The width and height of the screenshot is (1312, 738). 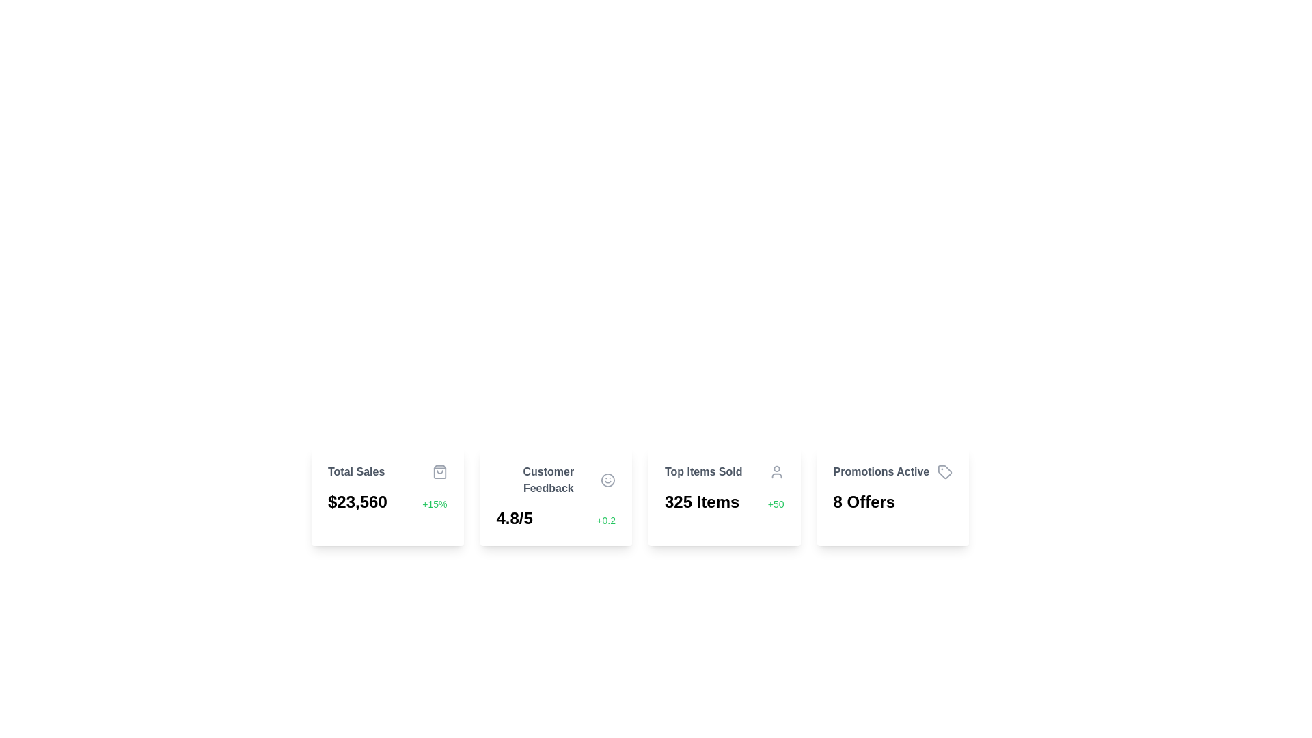 What do you see at coordinates (607, 479) in the screenshot?
I see `the circular smiling face icon that is gray and located to the right of the 'Customer Feedback' text within a rectangular card` at bounding box center [607, 479].